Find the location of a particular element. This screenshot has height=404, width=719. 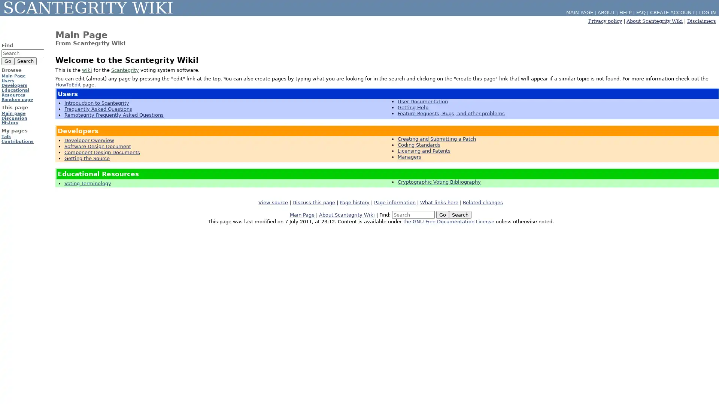

Search is located at coordinates (25, 61).